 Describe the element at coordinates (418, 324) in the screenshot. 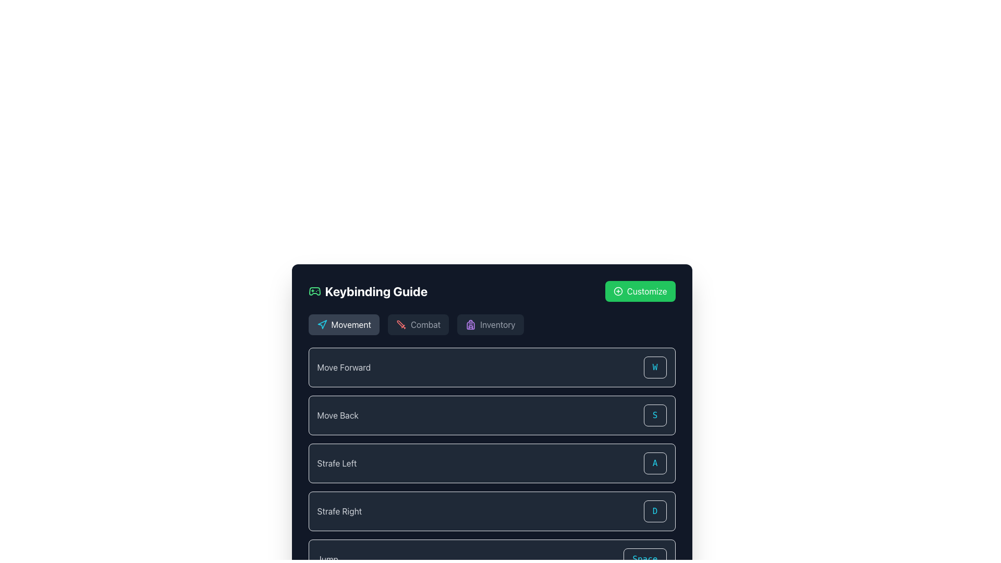

I see `the 'Combat' button, which is the second button in a row of three, featuring a dark gray background, light gray text, and a red sword icon to its left` at that location.